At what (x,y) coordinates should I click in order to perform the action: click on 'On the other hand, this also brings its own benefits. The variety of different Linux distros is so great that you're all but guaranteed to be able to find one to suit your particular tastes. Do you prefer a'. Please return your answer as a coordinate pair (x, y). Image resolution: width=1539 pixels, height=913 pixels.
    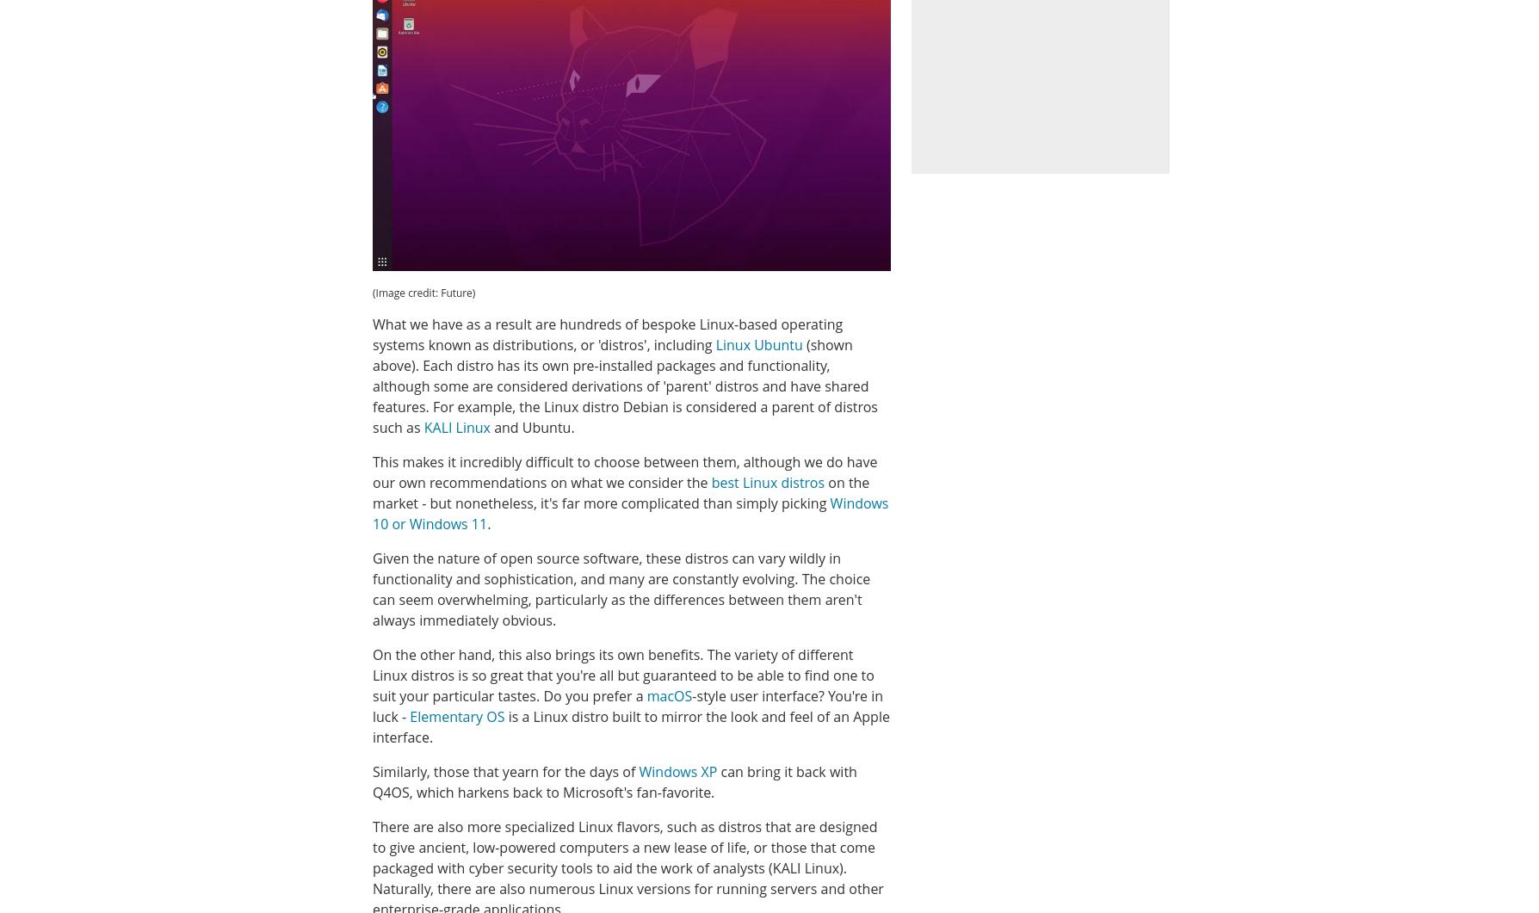
    Looking at the image, I should click on (372, 675).